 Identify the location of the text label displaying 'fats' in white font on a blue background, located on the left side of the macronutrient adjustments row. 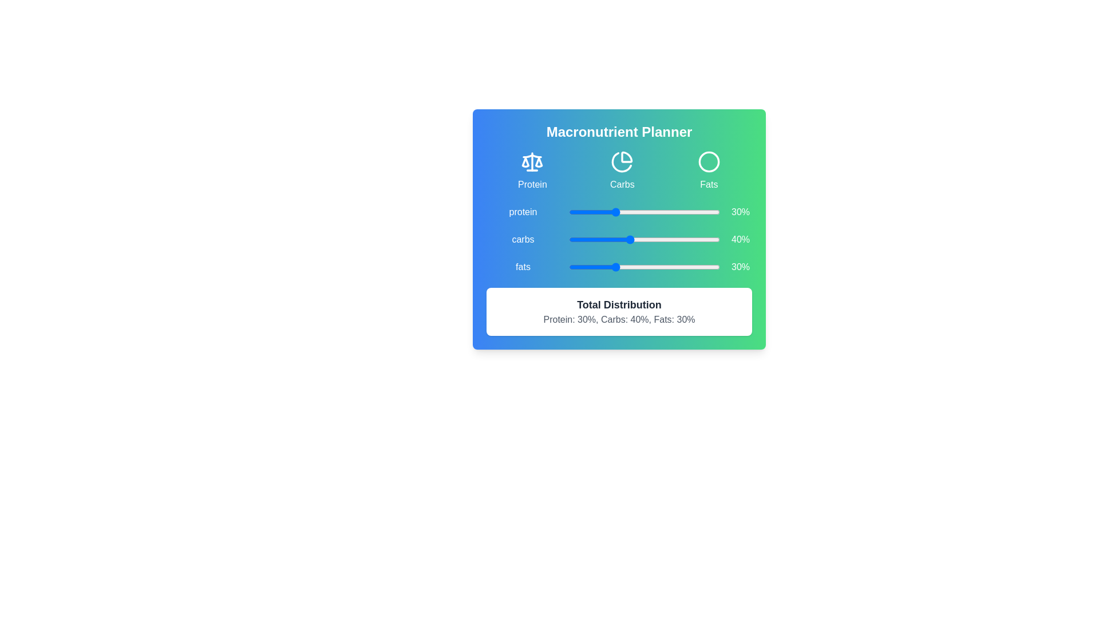
(522, 267).